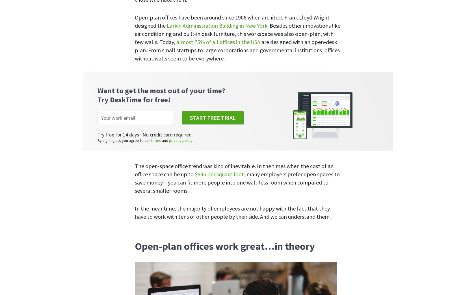 The image size is (476, 295). Describe the element at coordinates (172, 142) in the screenshot. I see `'Online employee time clock'` at that location.